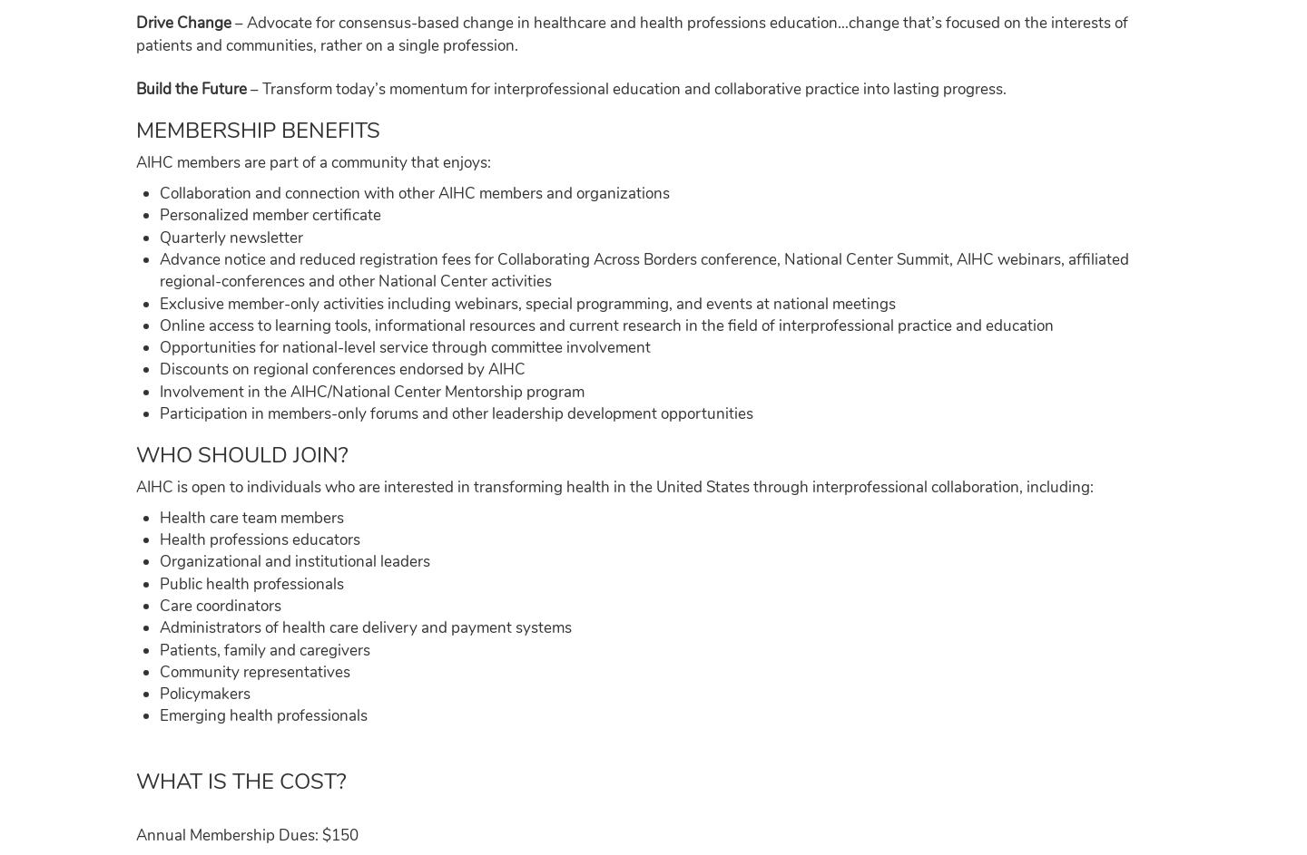 The width and height of the screenshot is (1307, 855). What do you see at coordinates (632, 34) in the screenshot?
I see `'– Advocate for consensus-based change in healthcare and health professions education...change that’s focused on the interests of patients and communities, rather on a single profession.'` at bounding box center [632, 34].